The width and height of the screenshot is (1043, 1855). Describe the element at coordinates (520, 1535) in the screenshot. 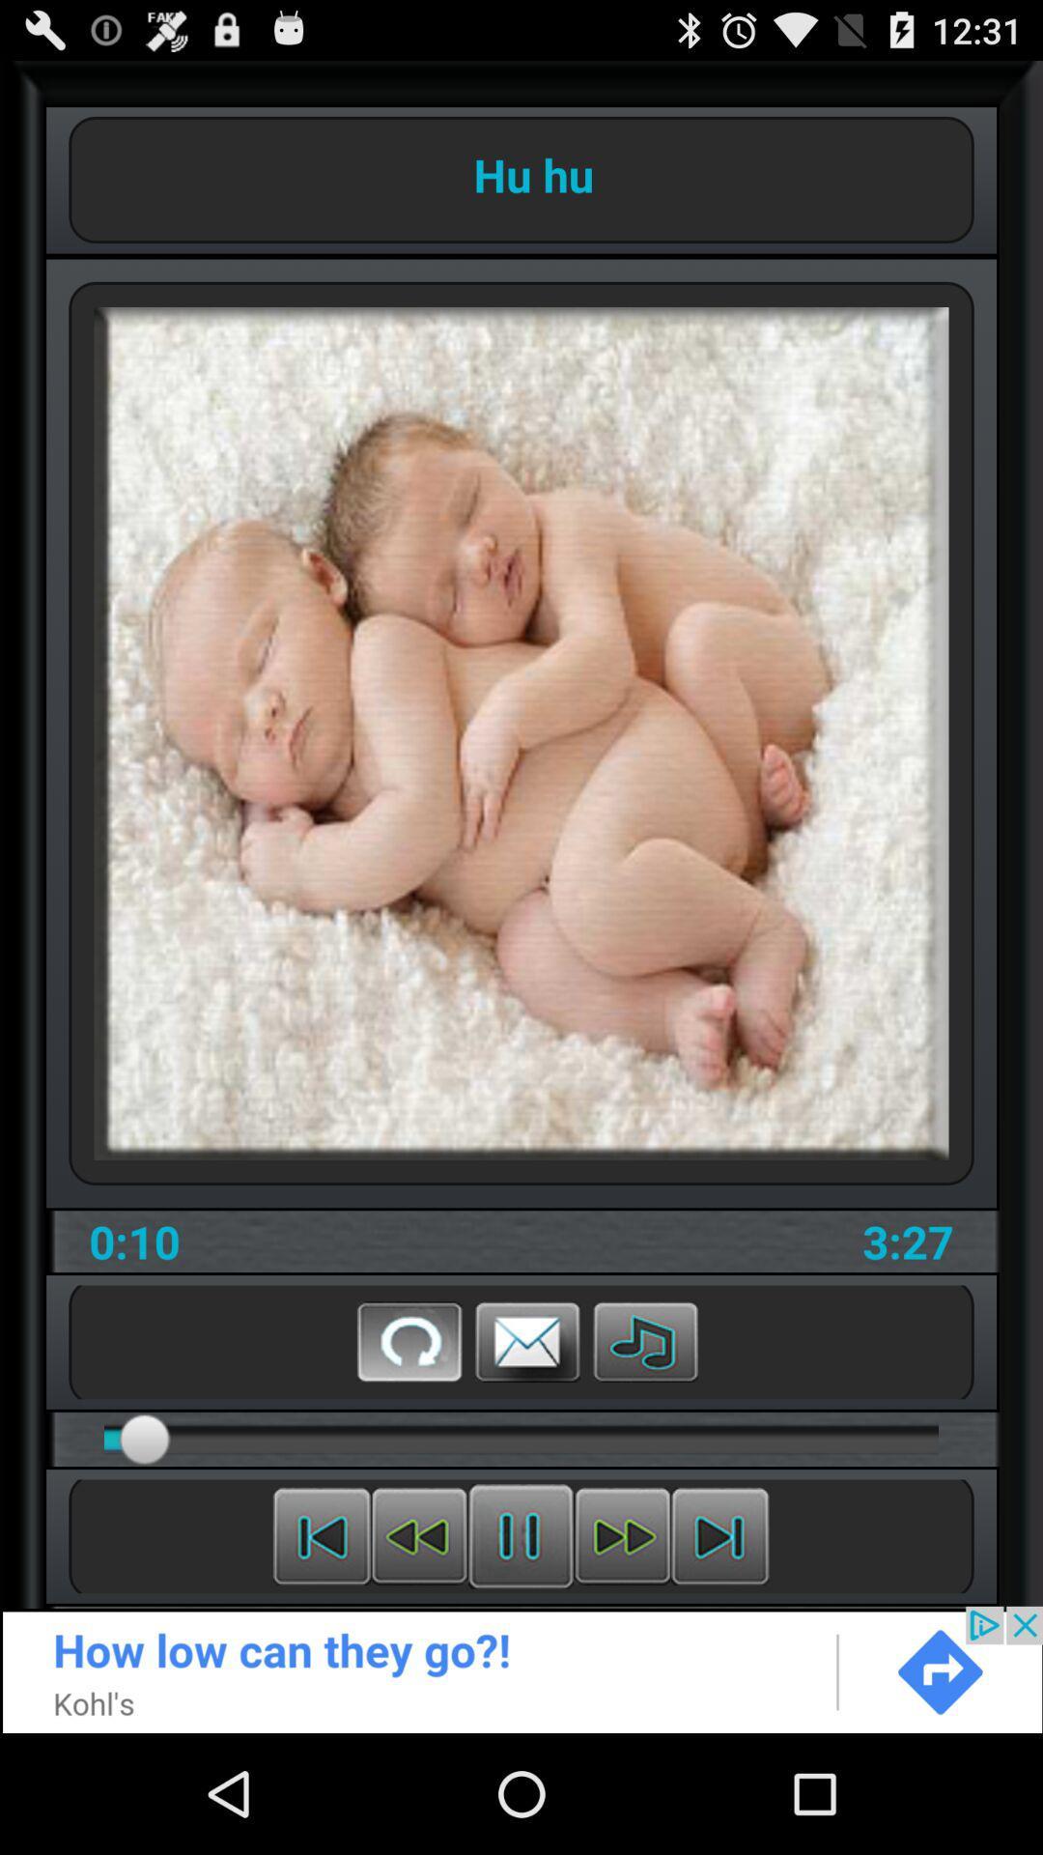

I see `pause` at that location.